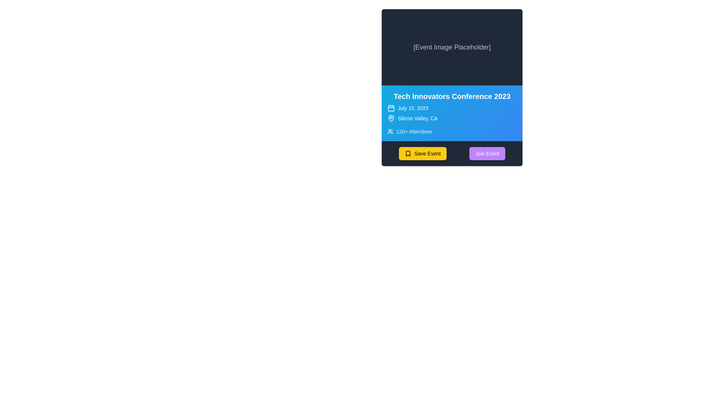  What do you see at coordinates (452, 47) in the screenshot?
I see `the image placeholder at the top of the card layout, which has a dark gray background and displays the text '[Event Image Placeholder]' in a lighter font` at bounding box center [452, 47].